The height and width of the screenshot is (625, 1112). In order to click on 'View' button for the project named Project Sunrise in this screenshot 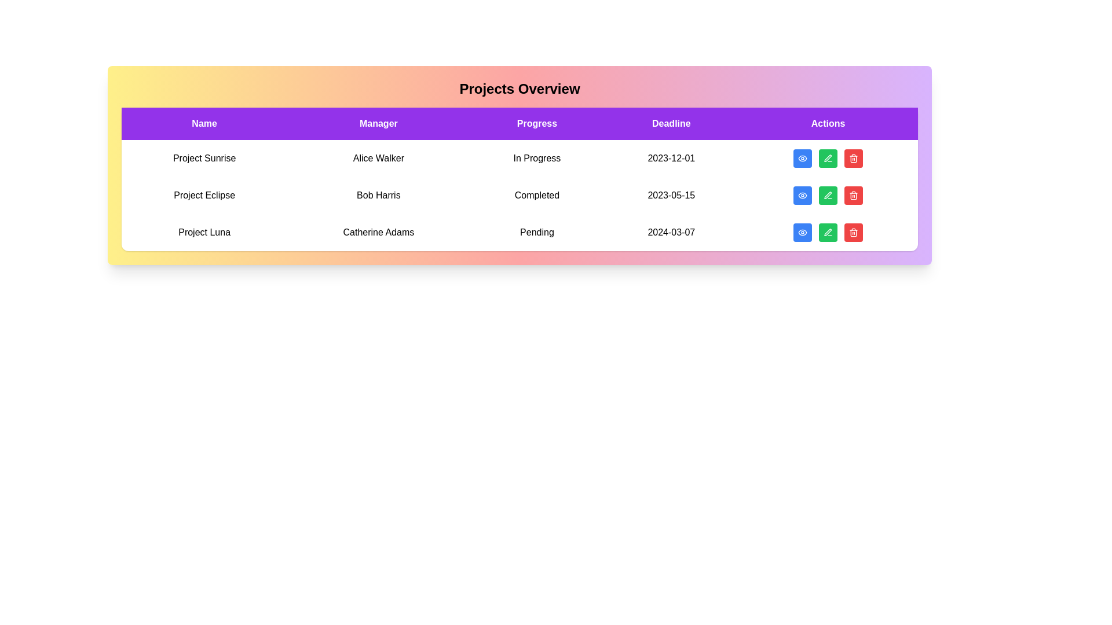, I will do `click(802, 158)`.